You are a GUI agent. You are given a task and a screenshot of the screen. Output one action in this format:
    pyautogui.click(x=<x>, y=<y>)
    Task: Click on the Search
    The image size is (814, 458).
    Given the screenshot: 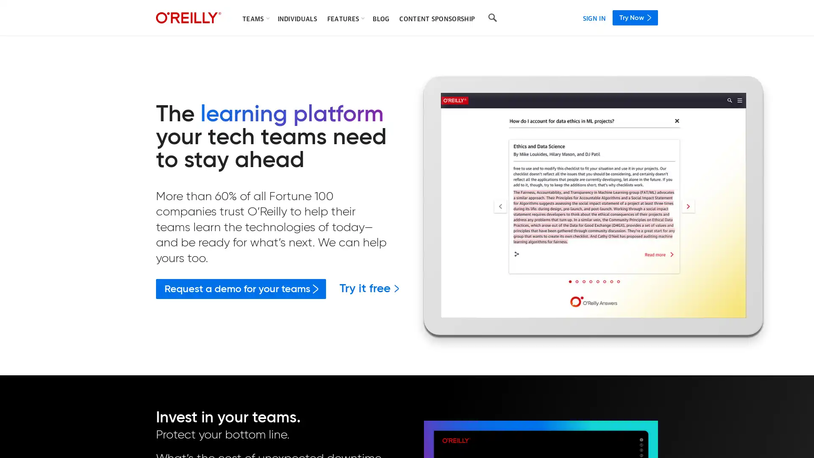 What is the action you would take?
    pyautogui.click(x=492, y=18)
    